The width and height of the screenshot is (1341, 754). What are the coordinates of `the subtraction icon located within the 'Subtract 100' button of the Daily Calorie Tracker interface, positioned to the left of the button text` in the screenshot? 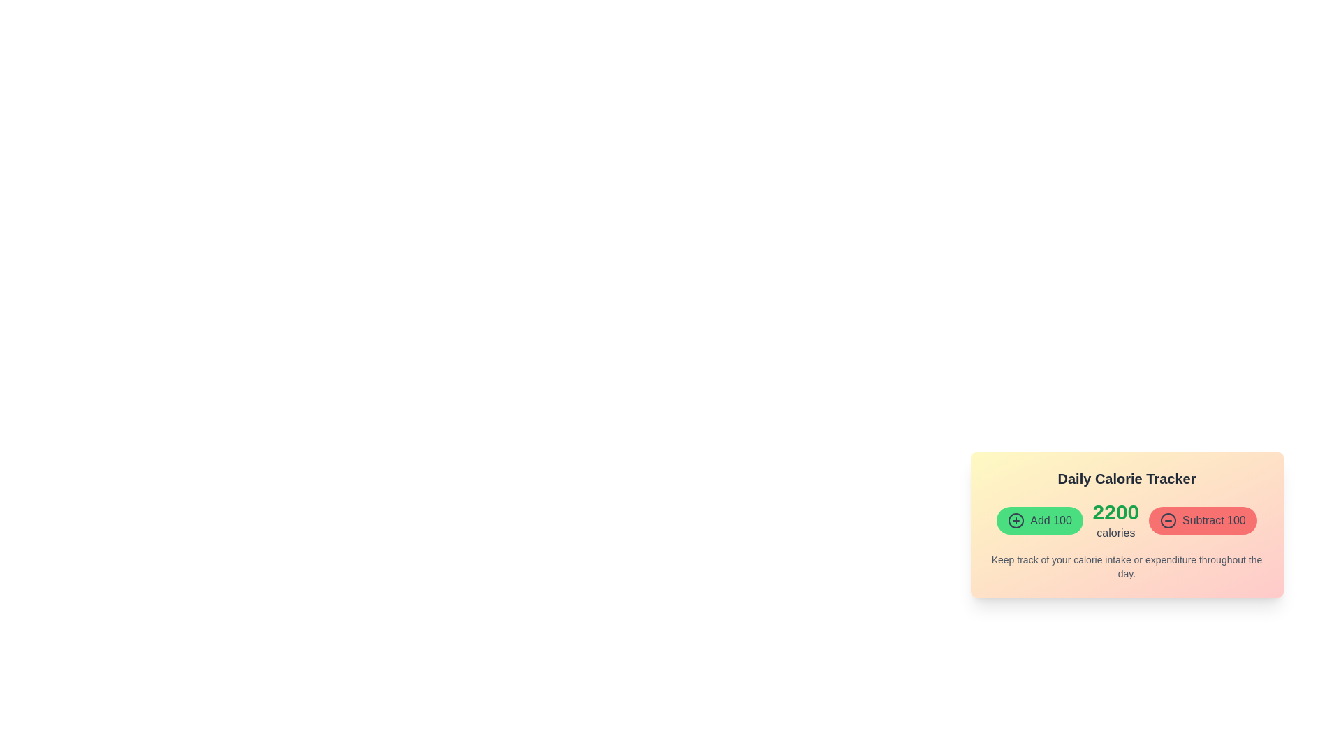 It's located at (1168, 520).